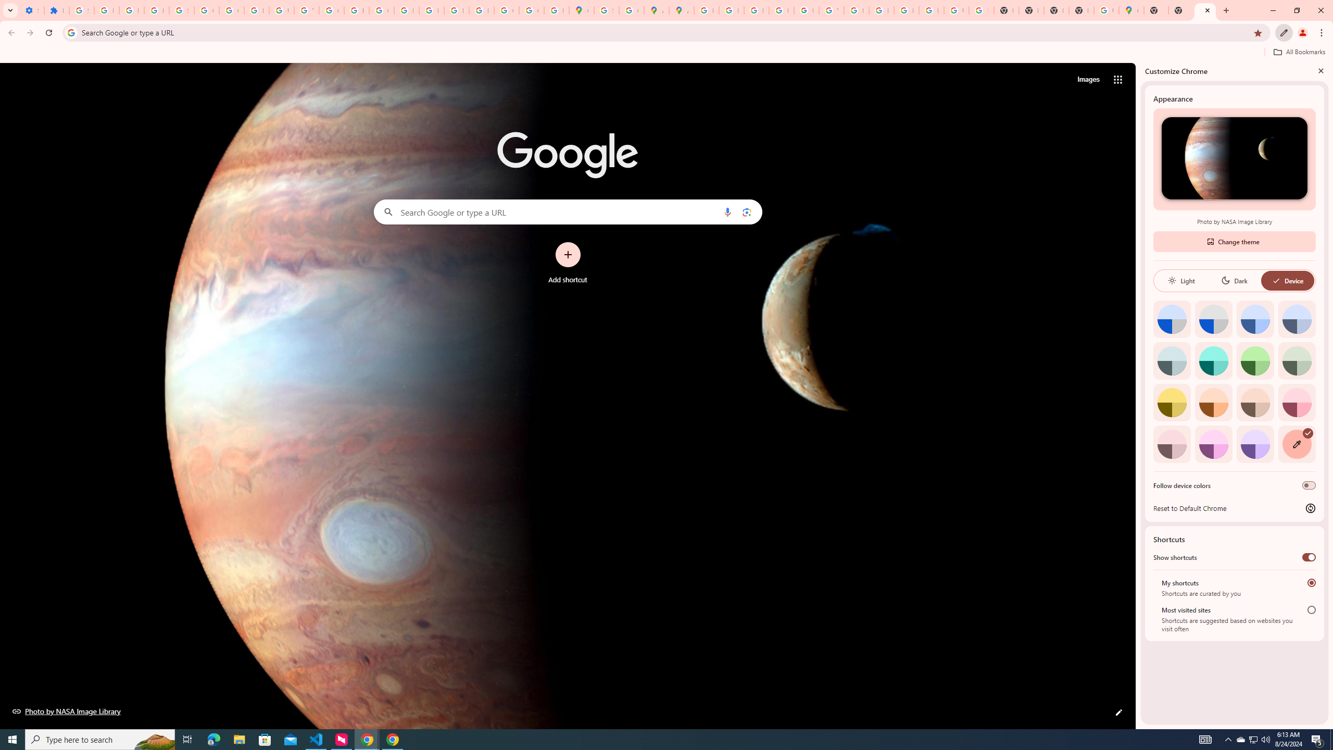 The image size is (1333, 750). Describe the element at coordinates (1213, 319) in the screenshot. I see `'Grey default color'` at that location.